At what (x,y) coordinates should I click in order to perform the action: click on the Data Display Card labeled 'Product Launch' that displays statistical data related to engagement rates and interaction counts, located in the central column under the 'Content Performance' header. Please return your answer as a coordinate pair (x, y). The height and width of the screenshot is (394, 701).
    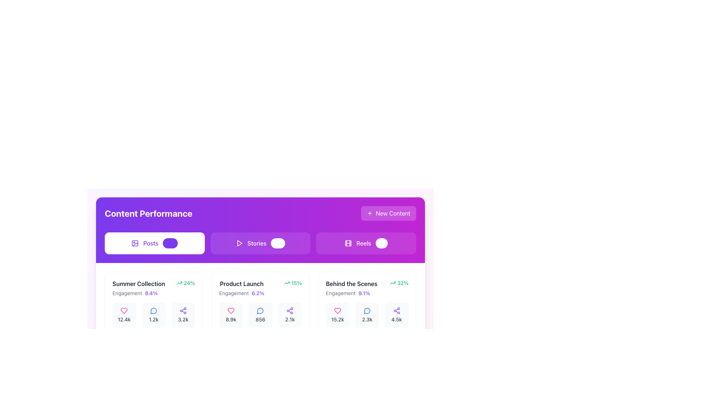
    Looking at the image, I should click on (260, 306).